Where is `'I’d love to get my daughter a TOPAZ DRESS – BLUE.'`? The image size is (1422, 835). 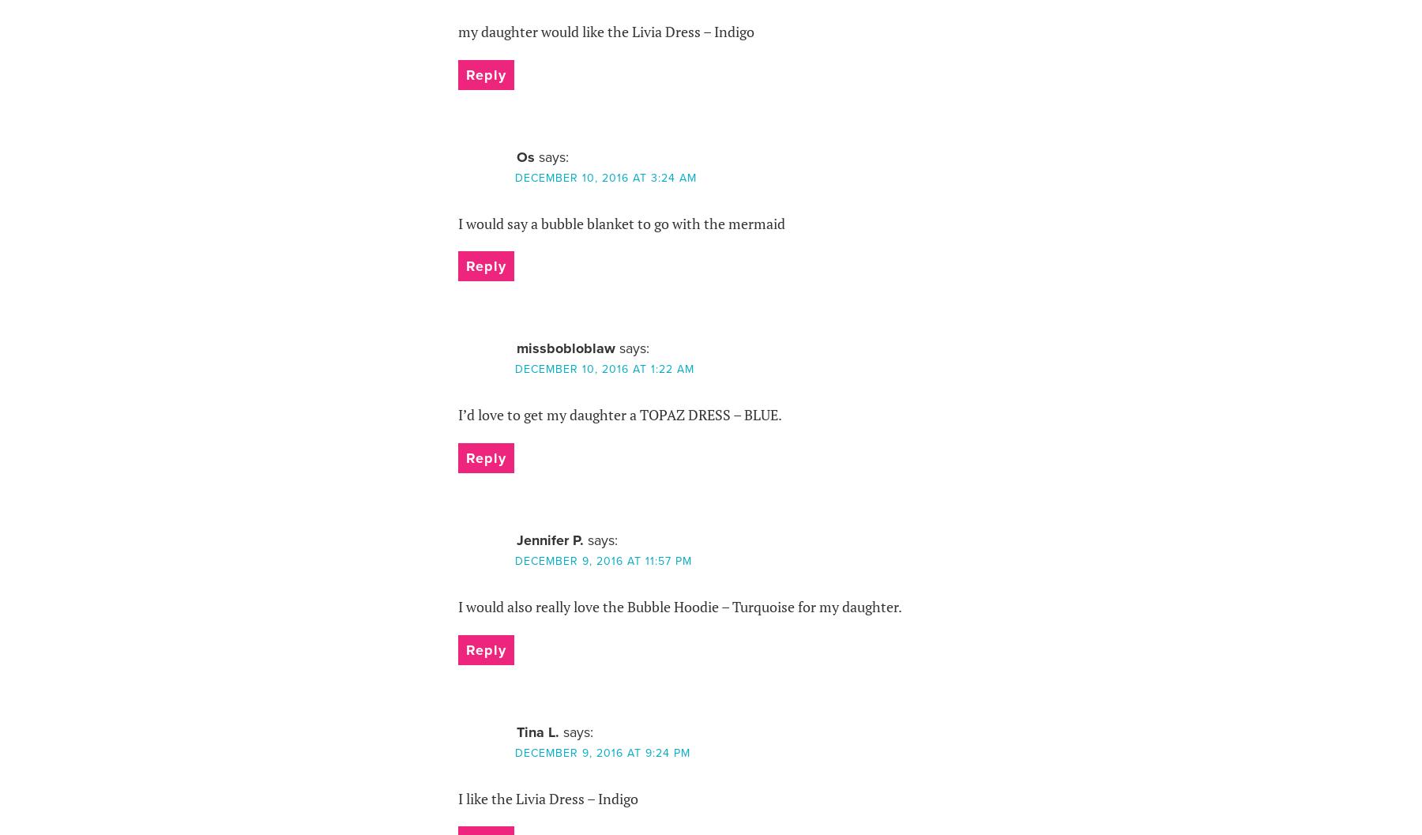
'I’d love to get my daughter a TOPAZ DRESS – BLUE.' is located at coordinates (619, 415).